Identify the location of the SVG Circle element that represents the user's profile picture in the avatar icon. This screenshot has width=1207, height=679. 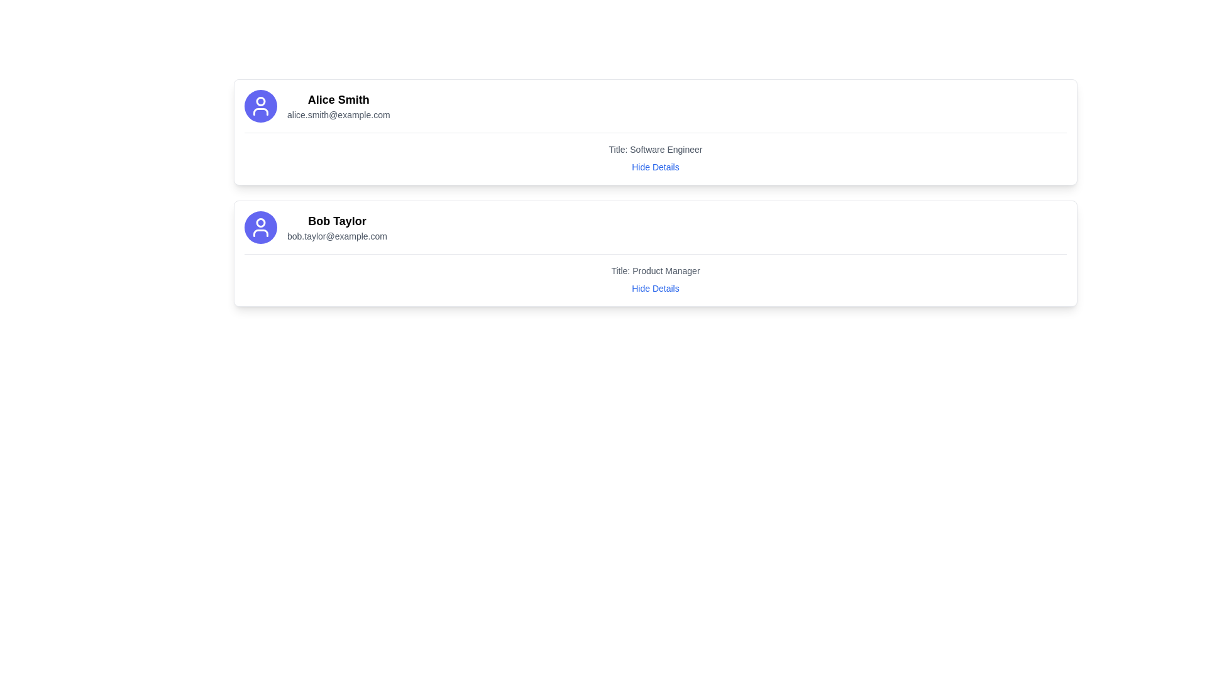
(260, 222).